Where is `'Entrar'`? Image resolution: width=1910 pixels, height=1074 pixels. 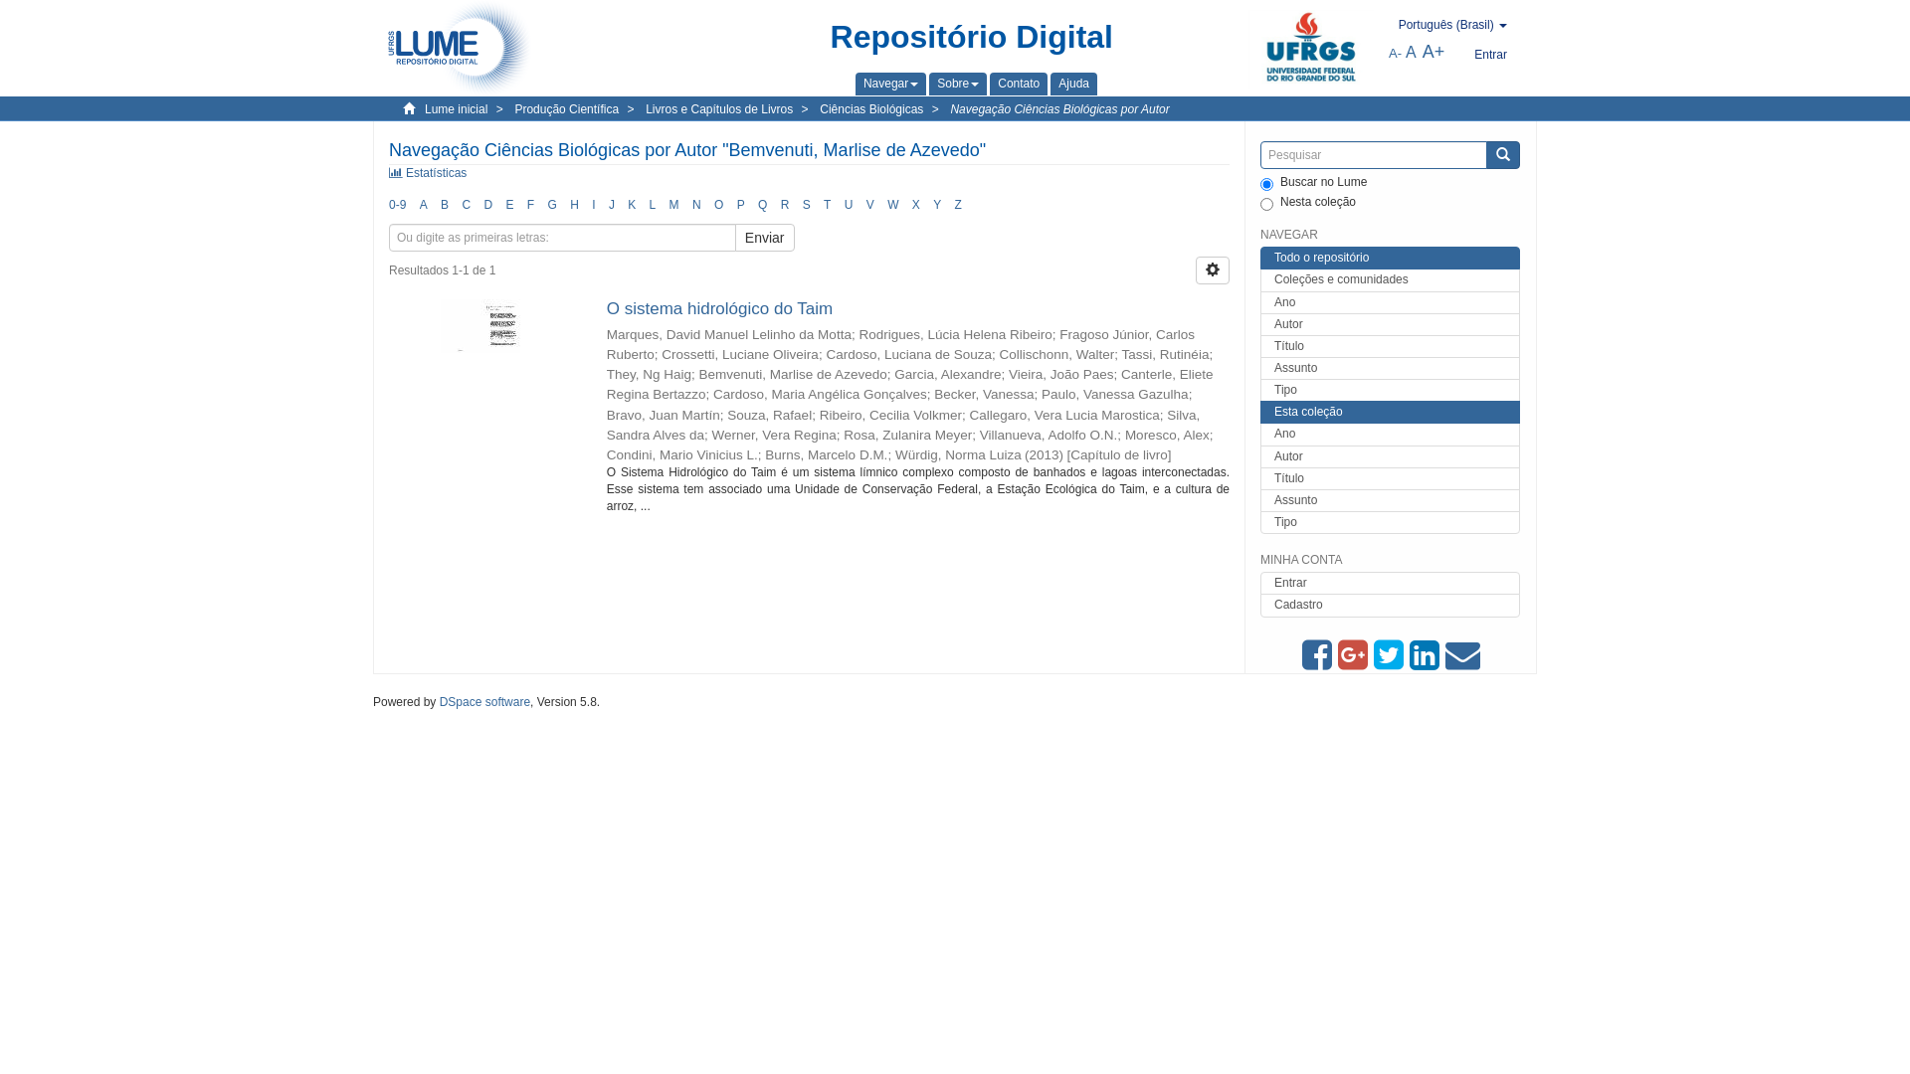
'Entrar' is located at coordinates (1490, 53).